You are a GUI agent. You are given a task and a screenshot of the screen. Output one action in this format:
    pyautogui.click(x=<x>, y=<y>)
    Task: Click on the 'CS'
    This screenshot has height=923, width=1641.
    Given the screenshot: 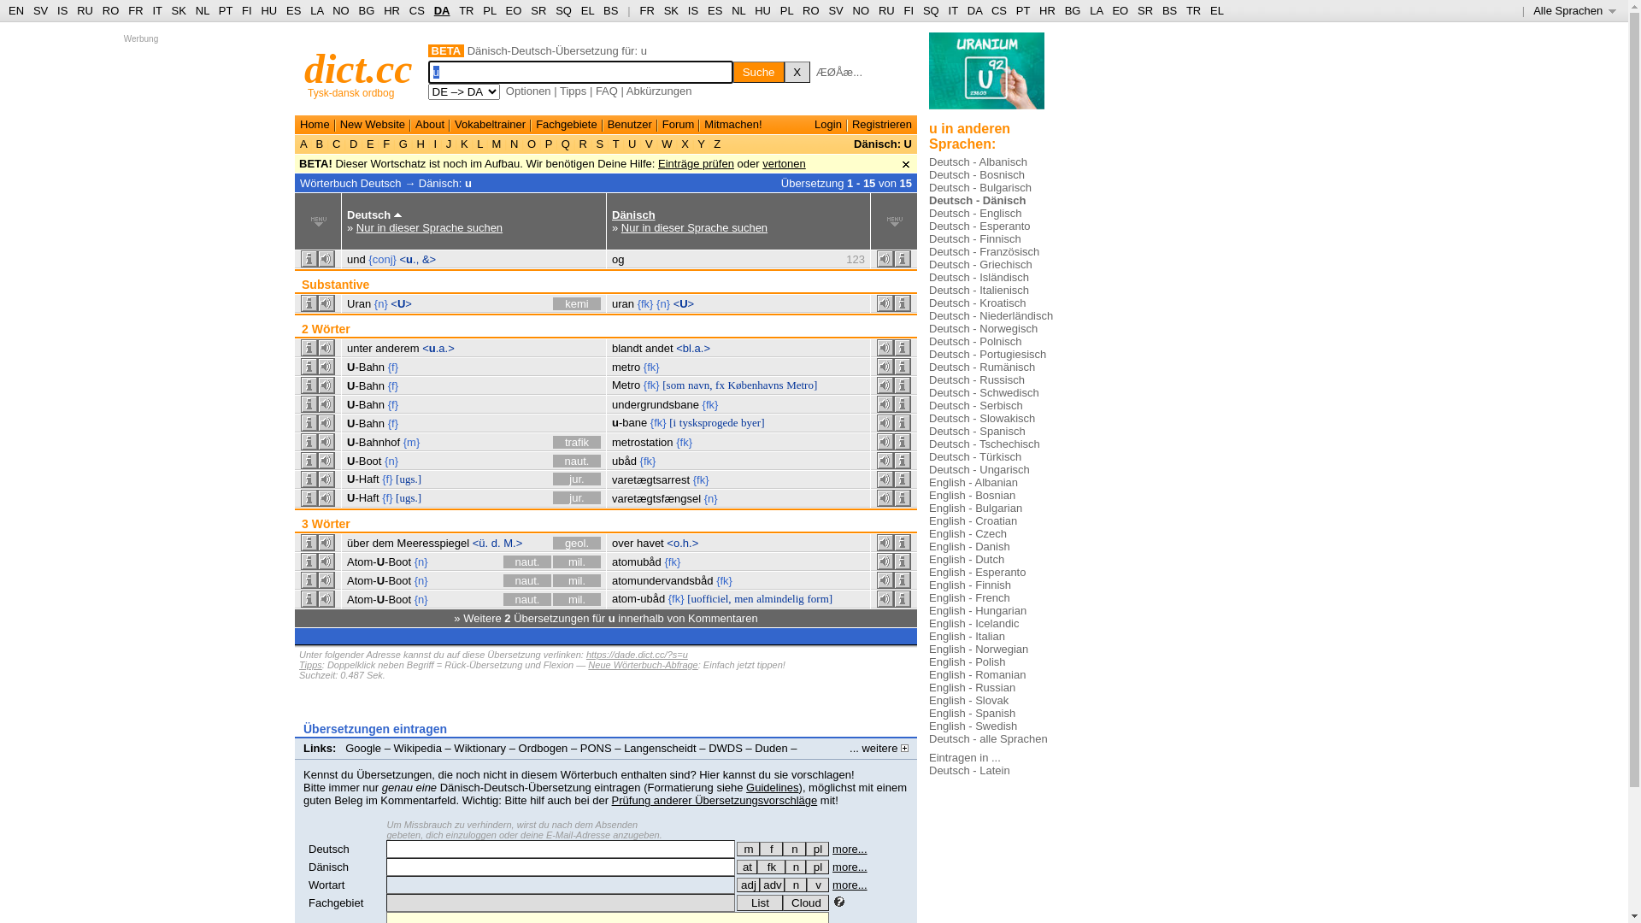 What is the action you would take?
    pyautogui.click(x=417, y=10)
    